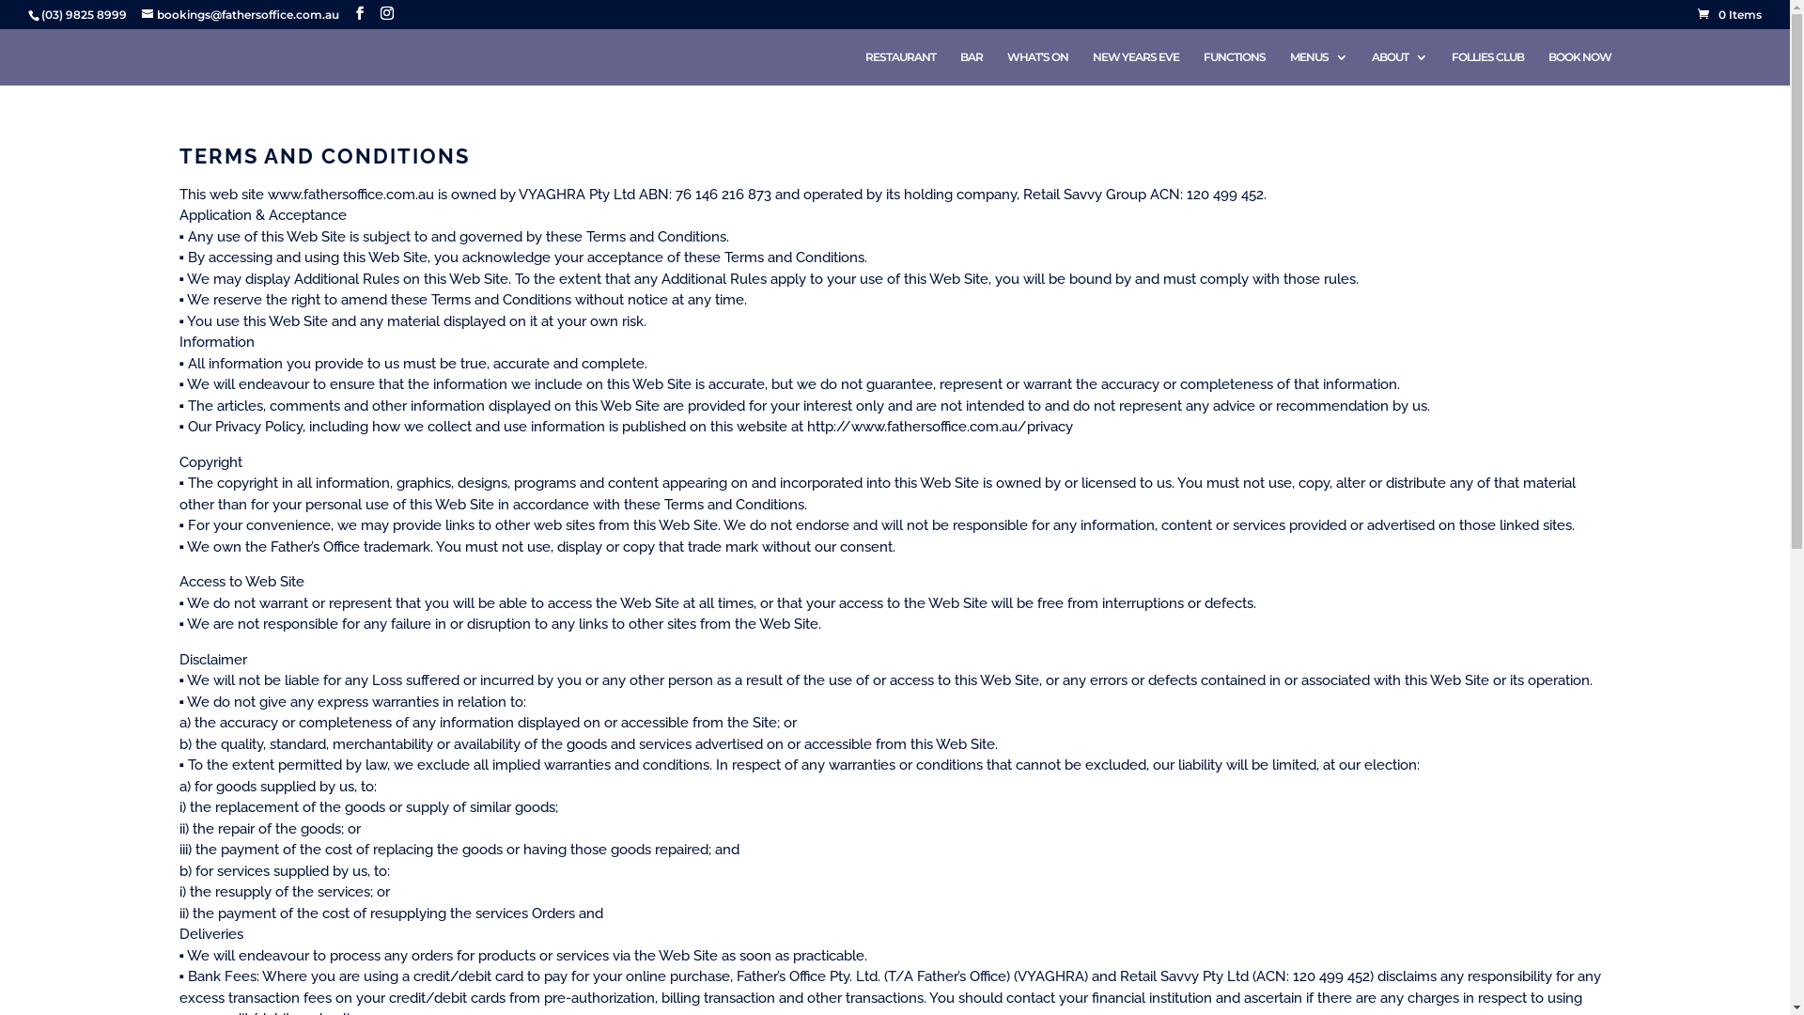  I want to click on 'bookings@fathersoffice.com.au', so click(140, 14).